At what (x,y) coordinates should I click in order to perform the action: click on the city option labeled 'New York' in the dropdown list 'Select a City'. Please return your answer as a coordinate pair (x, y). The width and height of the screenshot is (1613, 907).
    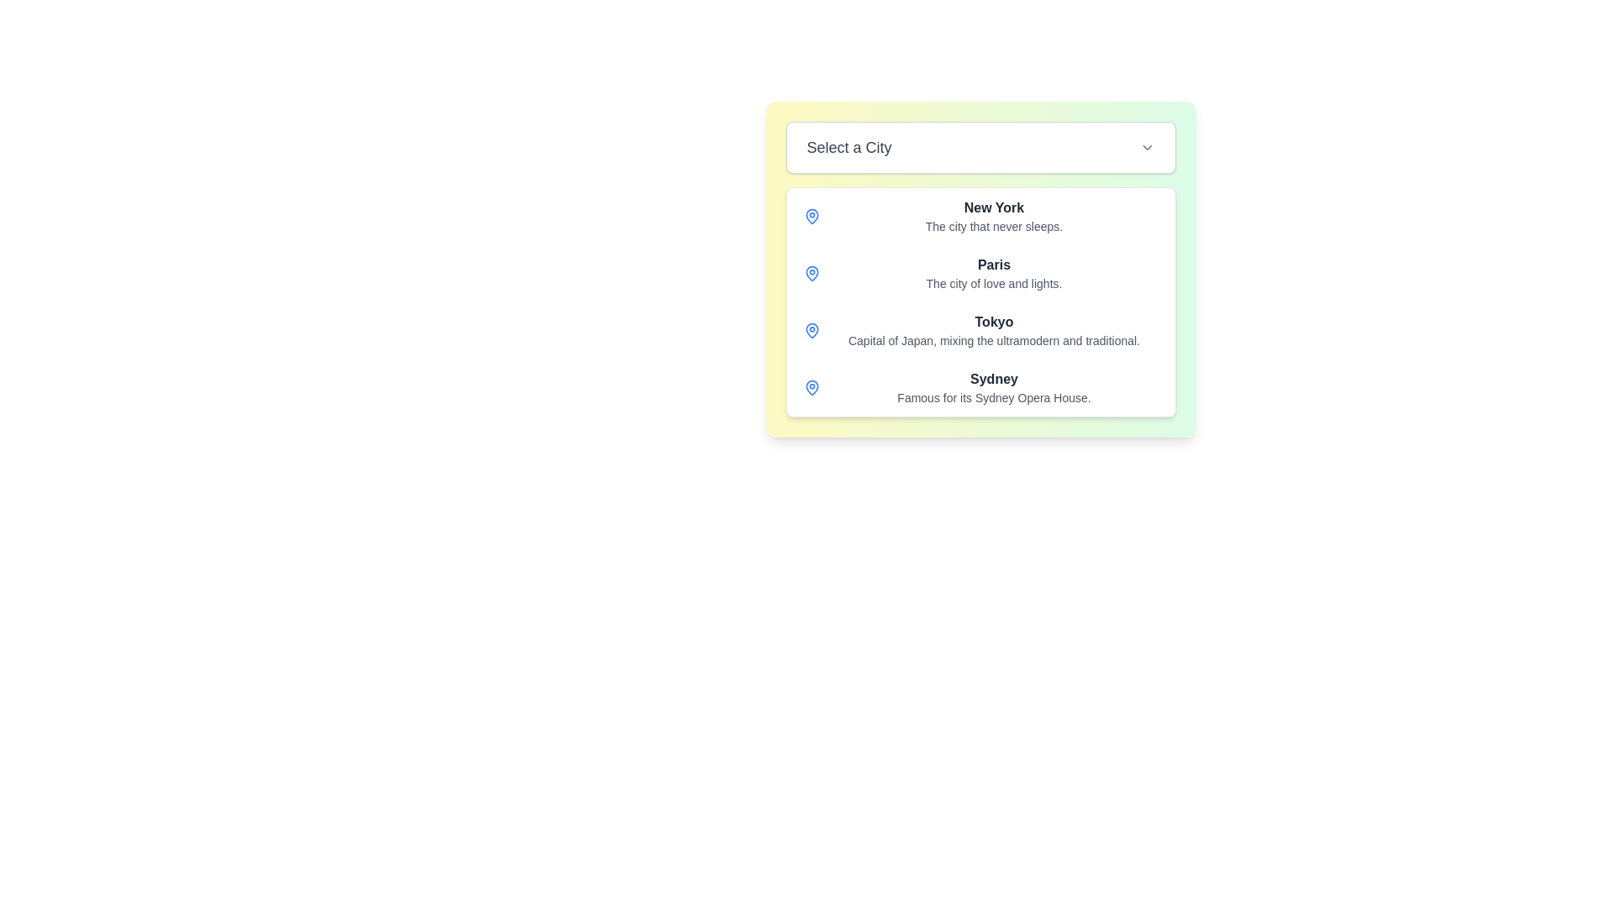
    Looking at the image, I should click on (994, 216).